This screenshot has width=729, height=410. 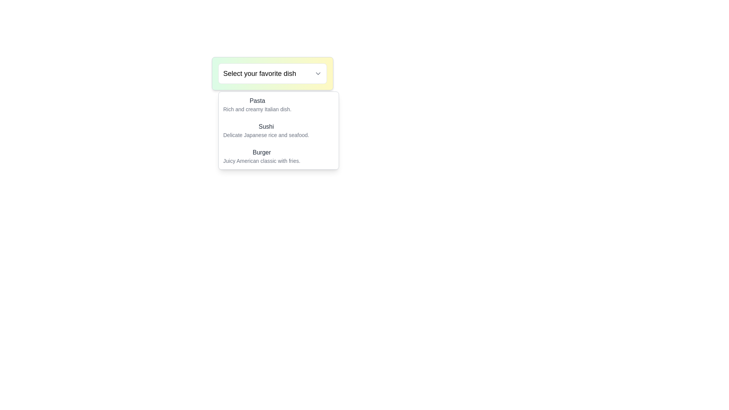 I want to click on the text block displaying 'Select your favorite dish', so click(x=260, y=73).